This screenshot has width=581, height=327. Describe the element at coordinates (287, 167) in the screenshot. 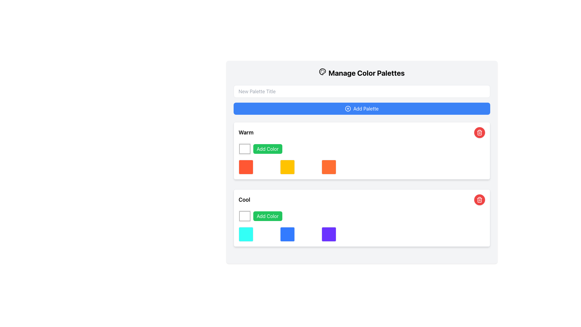

I see `the second Color Display Block in the 'Warm' color palette` at that location.